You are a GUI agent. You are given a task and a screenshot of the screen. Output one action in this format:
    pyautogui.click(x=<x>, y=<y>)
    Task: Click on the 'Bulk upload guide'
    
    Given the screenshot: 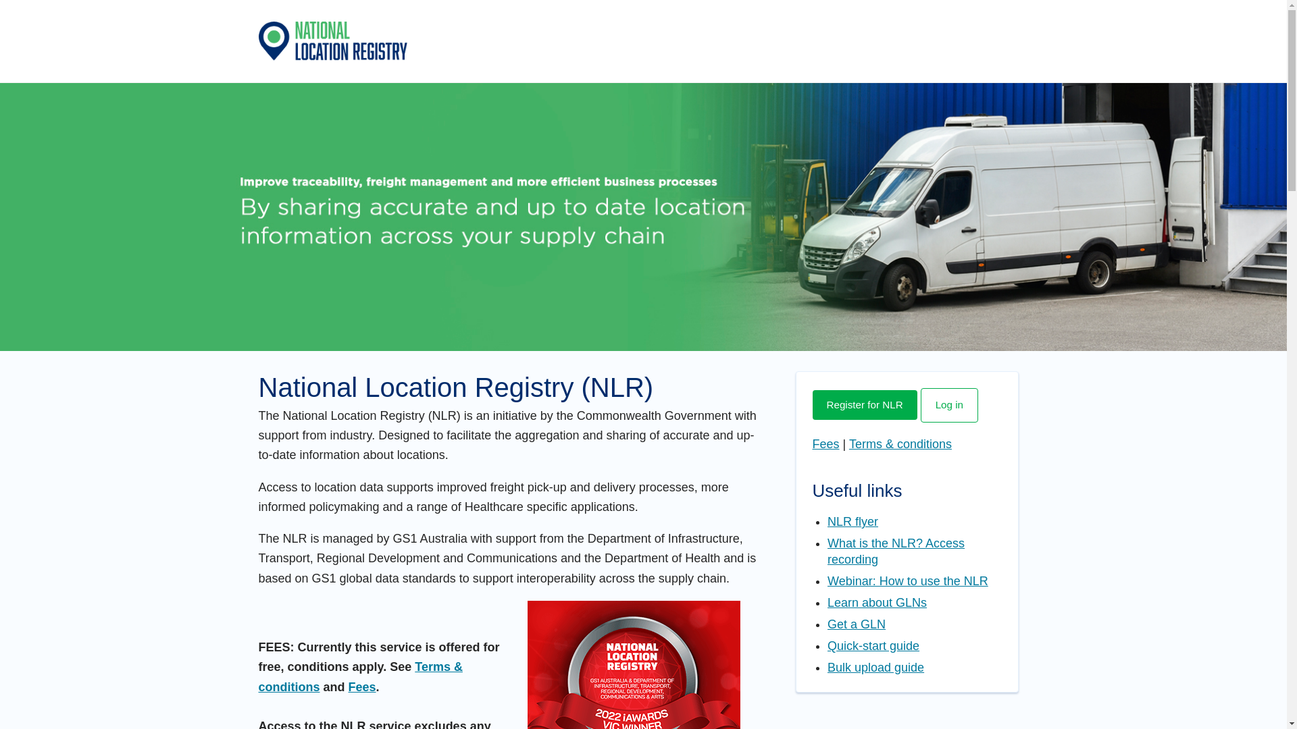 What is the action you would take?
    pyautogui.click(x=875, y=666)
    